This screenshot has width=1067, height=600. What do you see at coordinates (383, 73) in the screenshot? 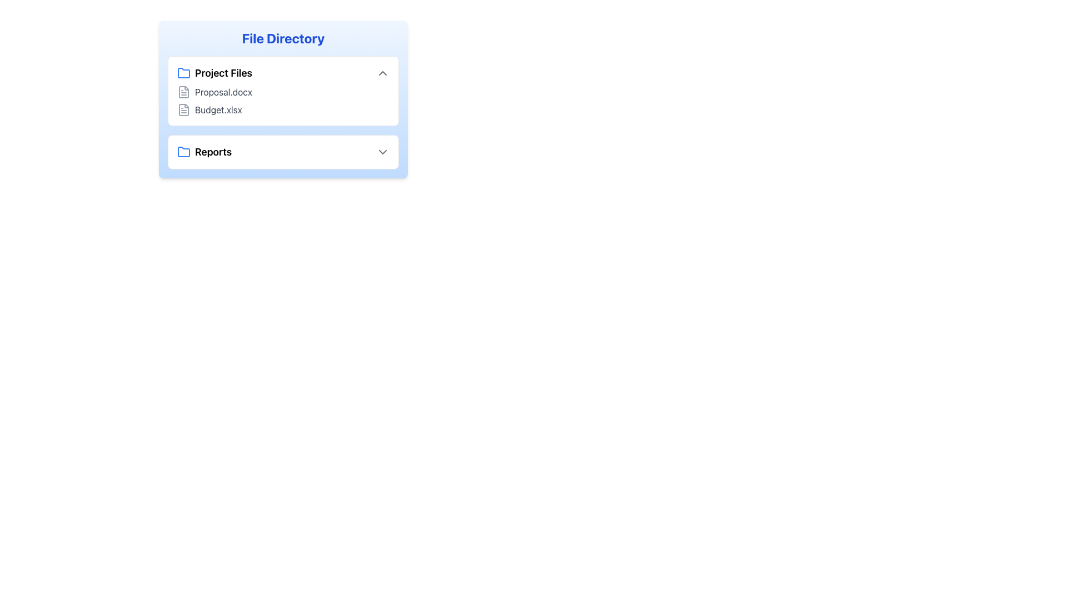
I see `the Chevron Upwards icon located at the far-right side of the 'Project Files' section for accessibility tools` at bounding box center [383, 73].